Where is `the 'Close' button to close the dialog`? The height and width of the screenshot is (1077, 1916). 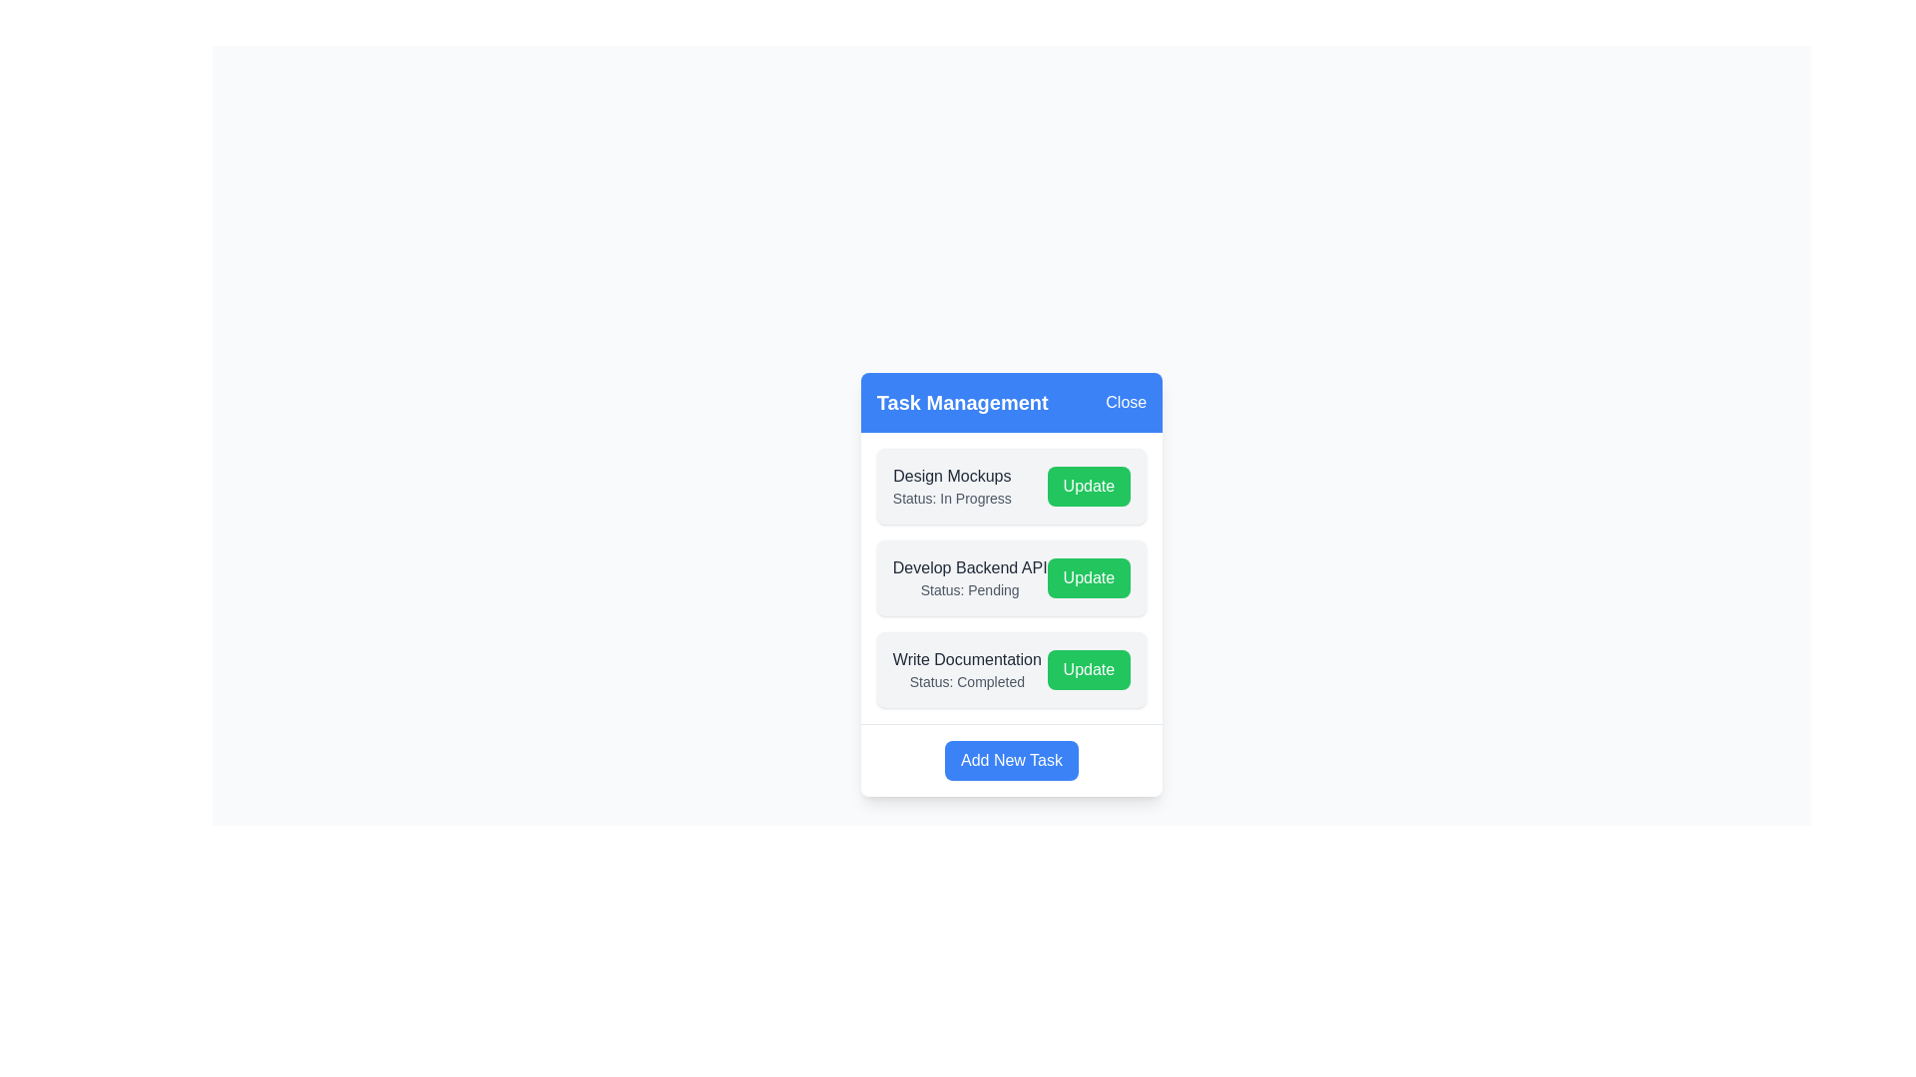
the 'Close' button to close the dialog is located at coordinates (1126, 402).